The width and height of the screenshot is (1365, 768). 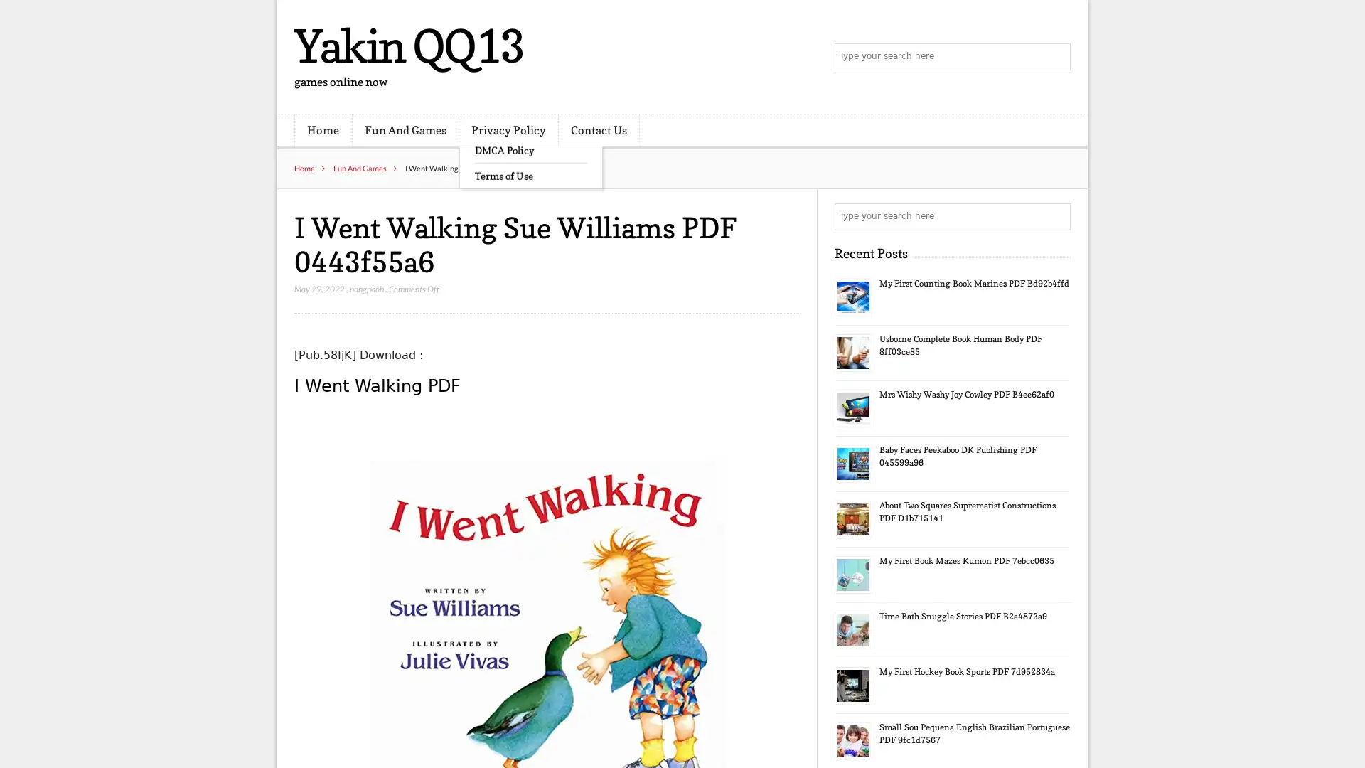 I want to click on Search, so click(x=1056, y=216).